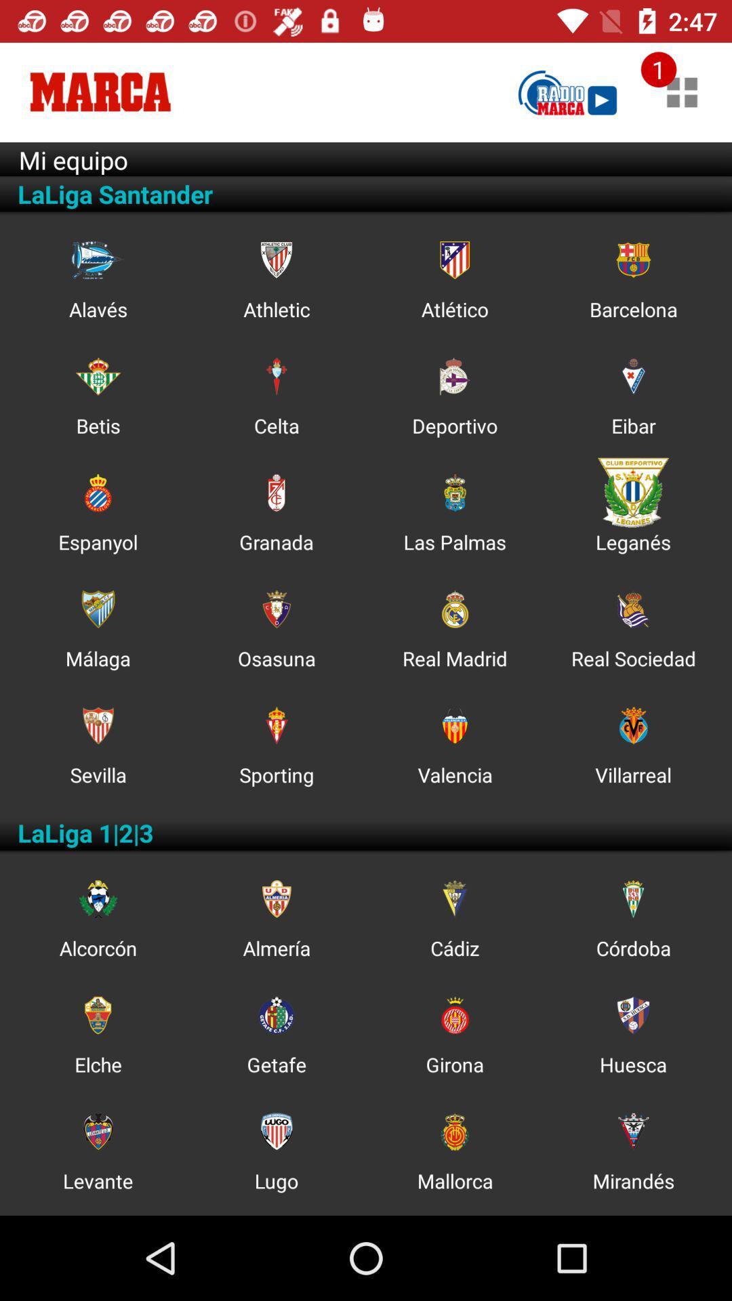 This screenshot has width=732, height=1301. What do you see at coordinates (97, 492) in the screenshot?
I see `the attach_file icon` at bounding box center [97, 492].